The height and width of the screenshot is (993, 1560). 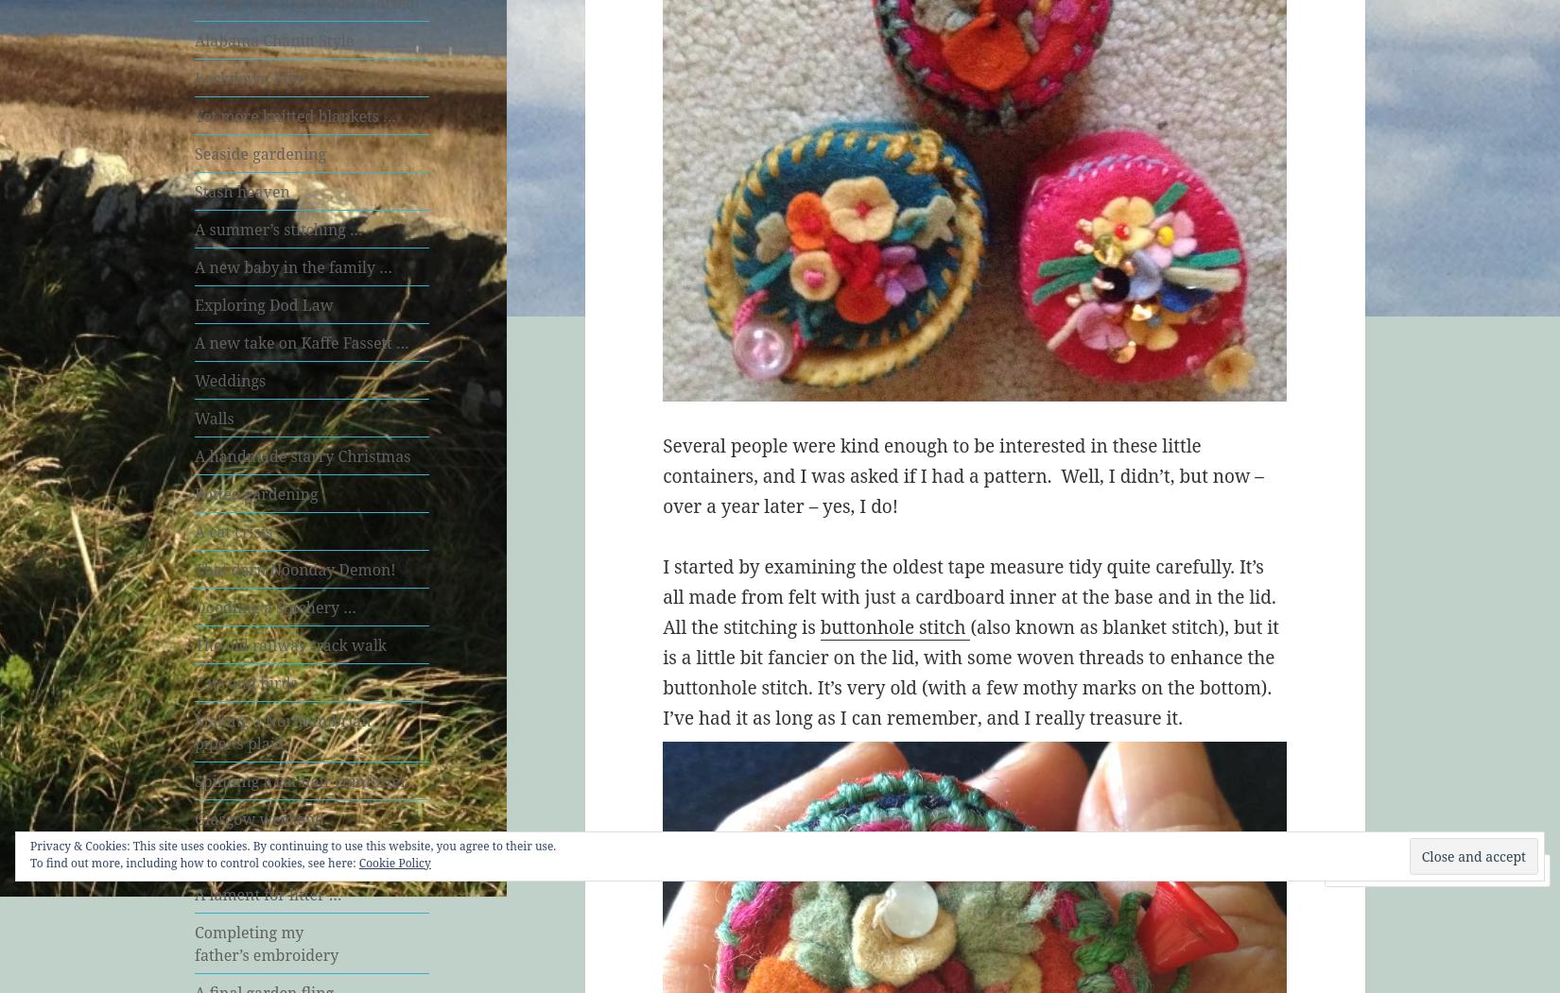 What do you see at coordinates (661, 595) in the screenshot?
I see `'I started by examining the oldest tape measure tidy quite carefully. It’s all made from felt with just a cardboard inner at the base and in the lid. All the stitching is'` at bounding box center [661, 595].